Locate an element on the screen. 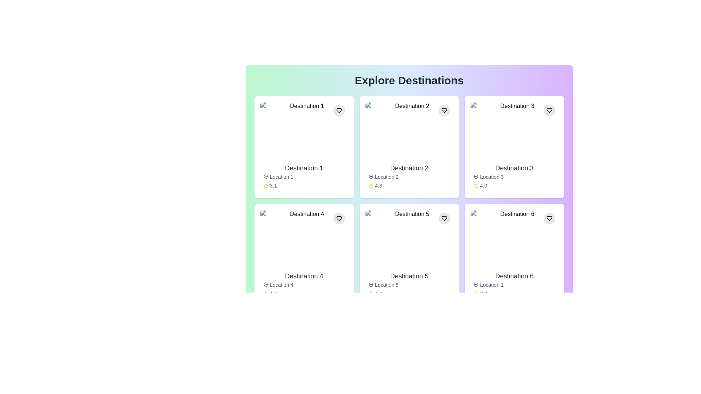 The width and height of the screenshot is (701, 394). the heart-shaped icon is located at coordinates (549, 218).